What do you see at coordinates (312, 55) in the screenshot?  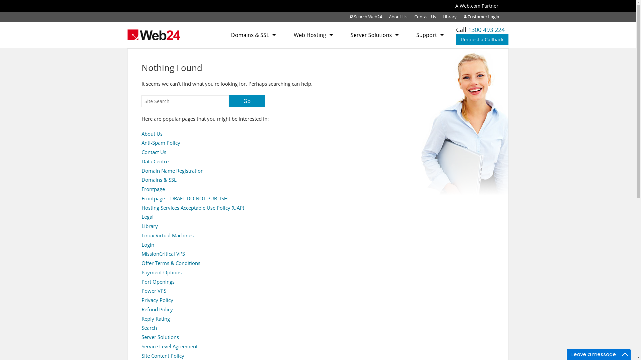 I see `'Web Hosting (Plesk)'` at bounding box center [312, 55].